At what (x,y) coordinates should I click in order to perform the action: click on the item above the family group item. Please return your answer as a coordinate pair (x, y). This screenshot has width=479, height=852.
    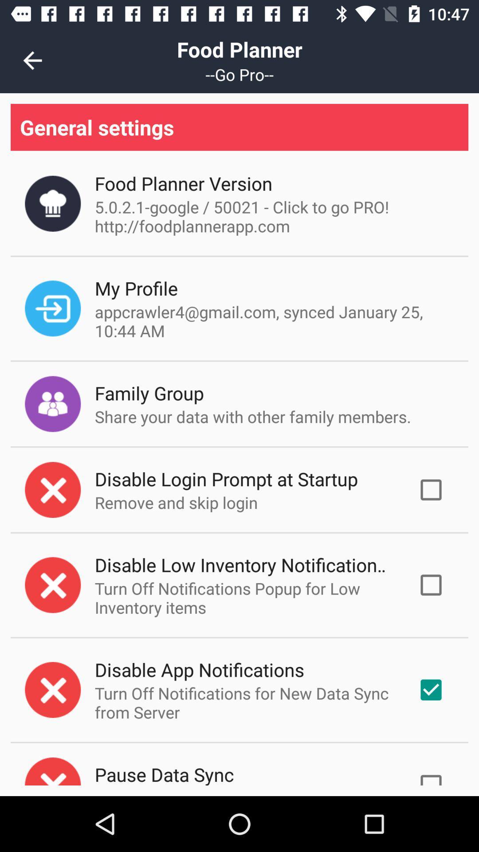
    Looking at the image, I should click on (271, 321).